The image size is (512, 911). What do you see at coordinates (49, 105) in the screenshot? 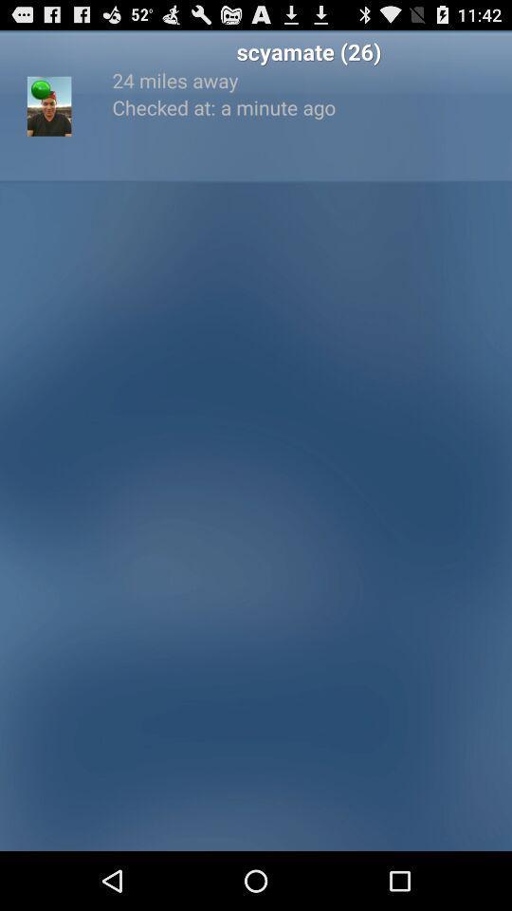
I see `the item to the left of 24 miles away item` at bounding box center [49, 105].